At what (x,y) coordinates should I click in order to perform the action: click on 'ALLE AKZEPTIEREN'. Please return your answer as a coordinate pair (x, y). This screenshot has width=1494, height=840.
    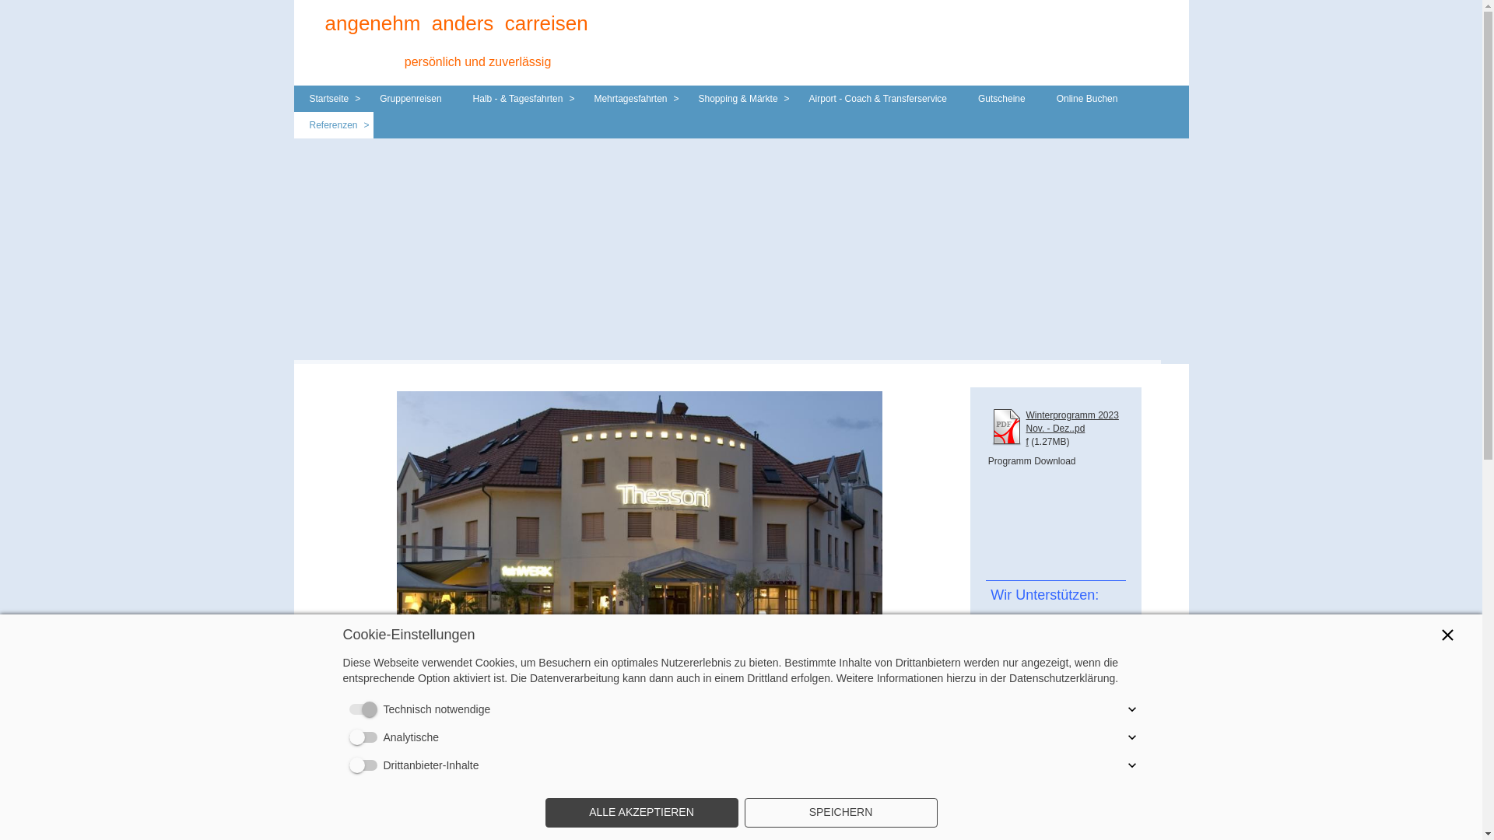
    Looking at the image, I should click on (641, 812).